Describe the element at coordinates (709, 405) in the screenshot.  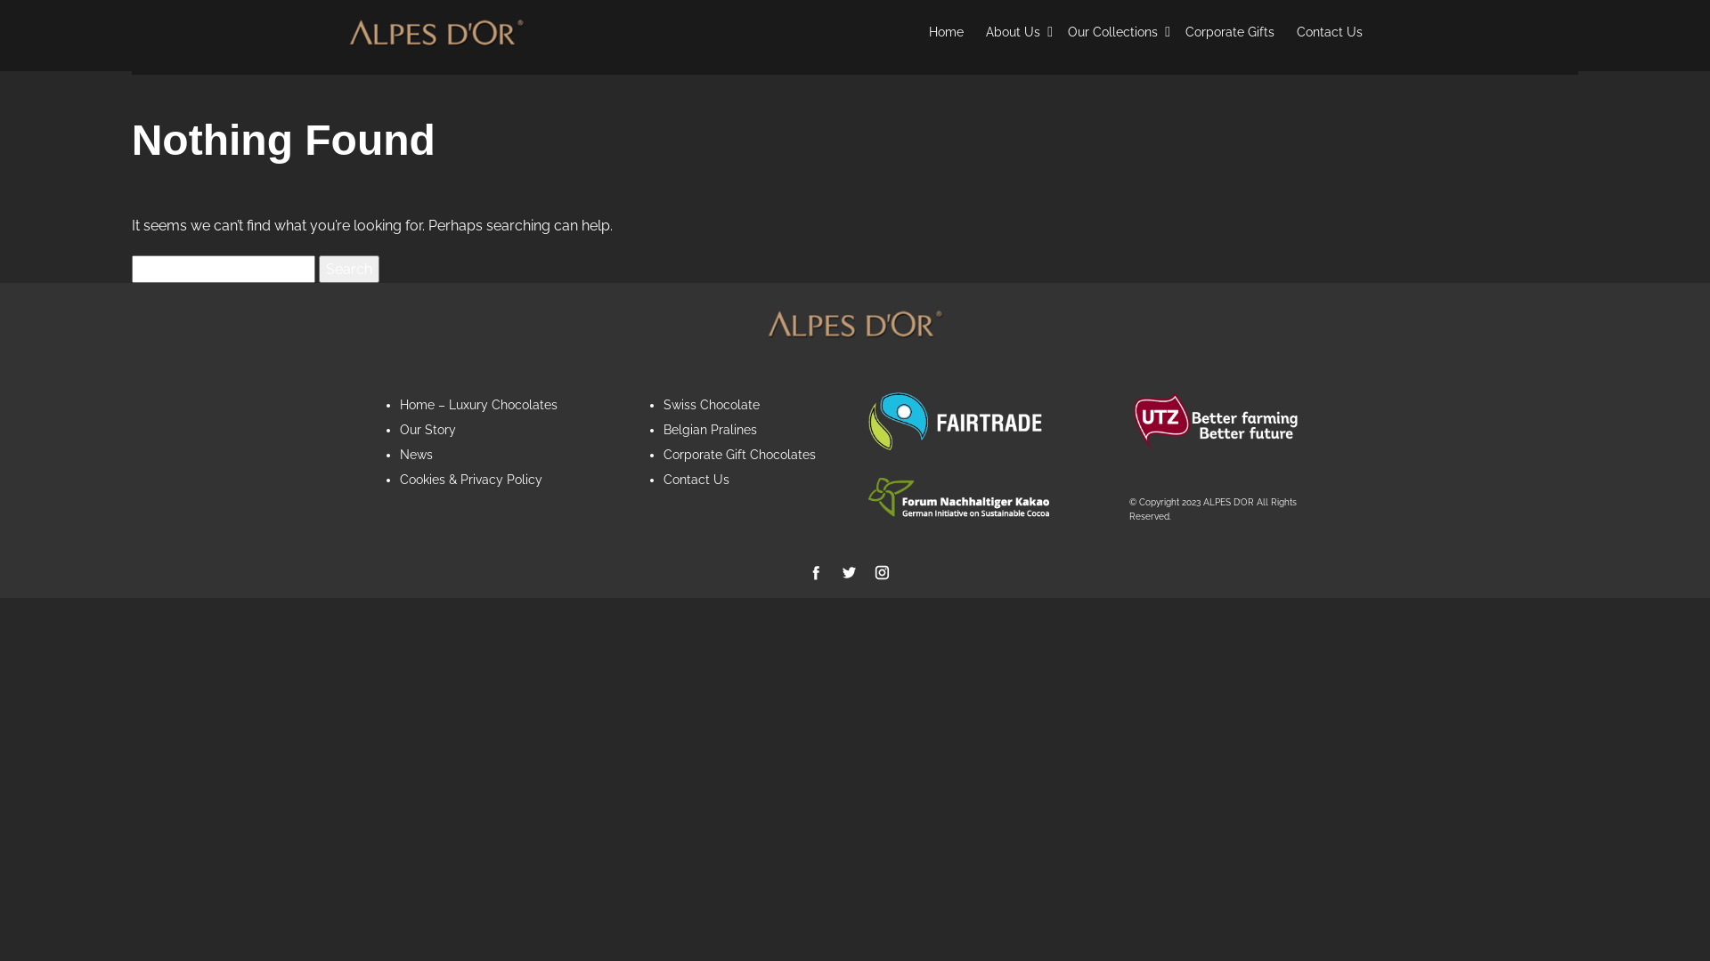
I see `'Swiss Chocolate'` at that location.